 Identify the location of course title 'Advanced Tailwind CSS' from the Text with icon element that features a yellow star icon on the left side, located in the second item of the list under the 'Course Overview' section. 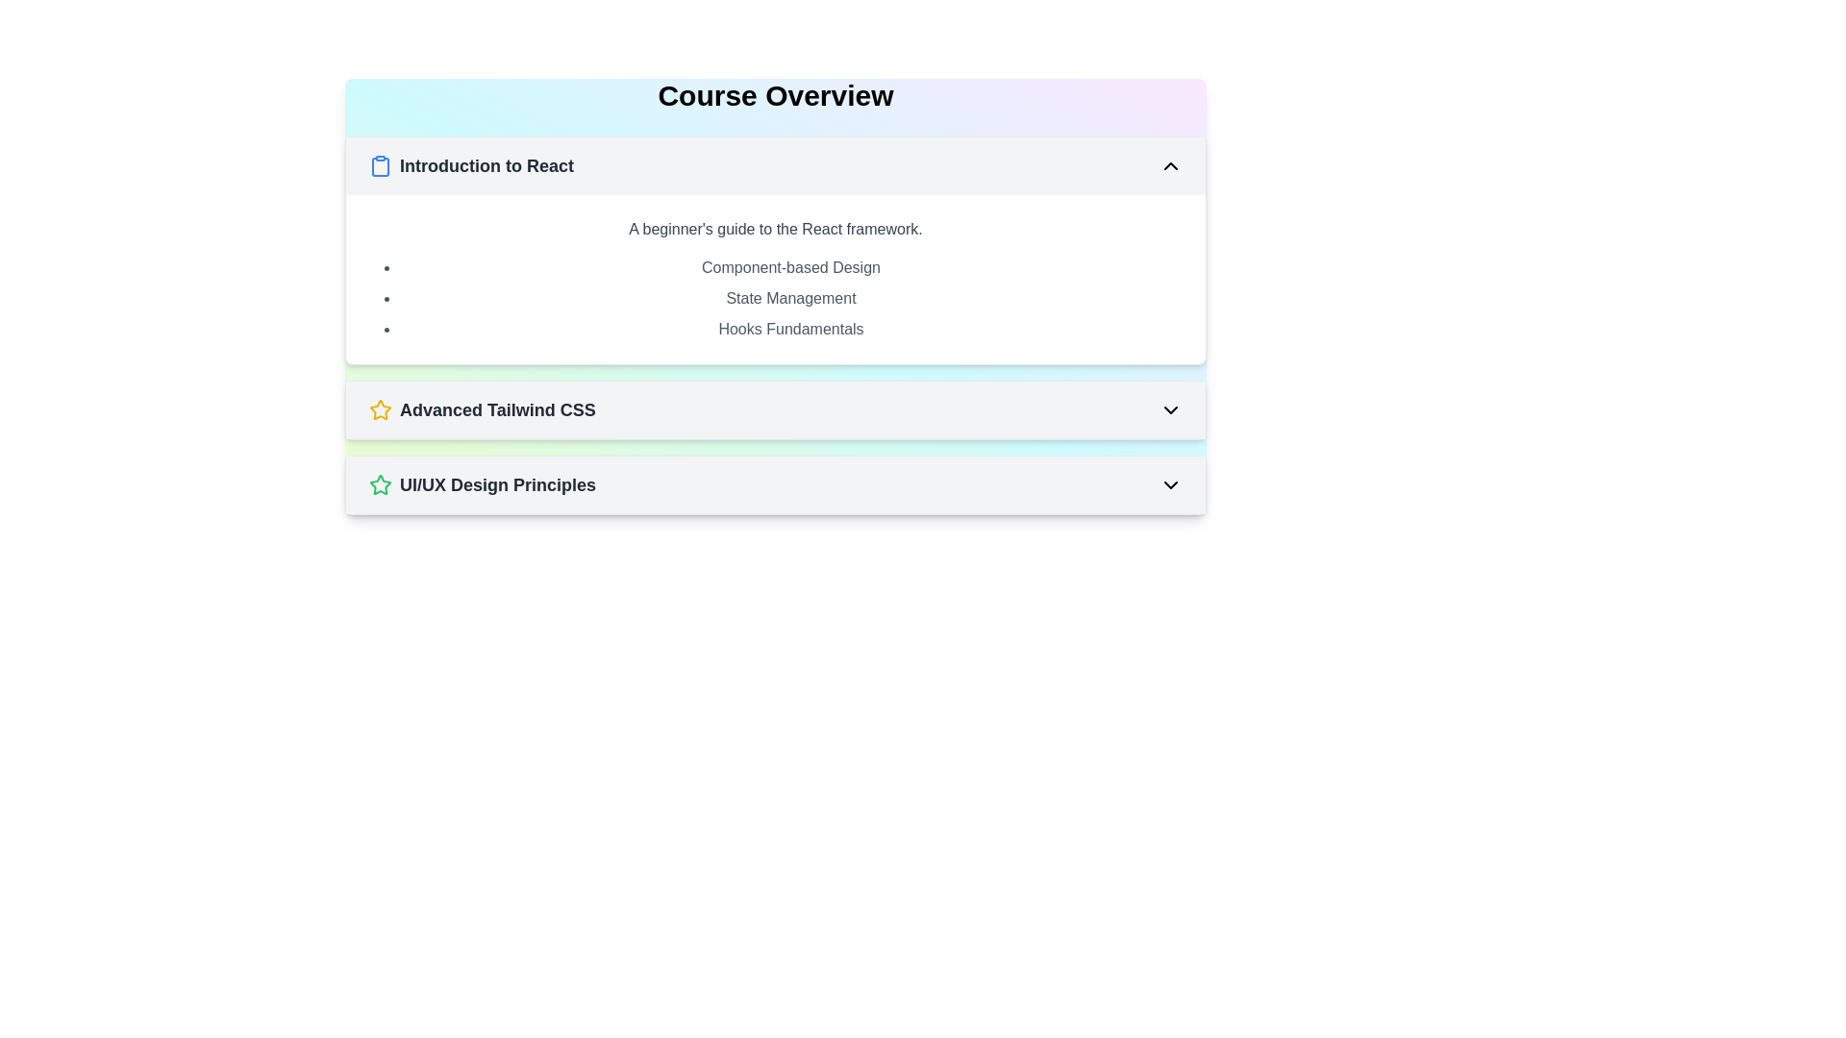
(482, 409).